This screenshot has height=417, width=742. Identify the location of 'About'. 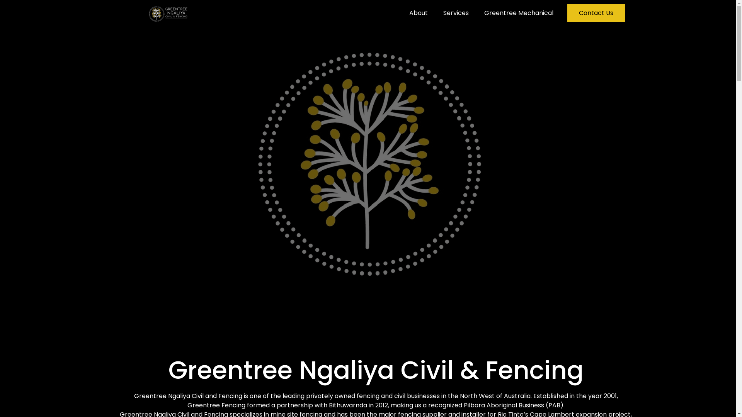
(418, 13).